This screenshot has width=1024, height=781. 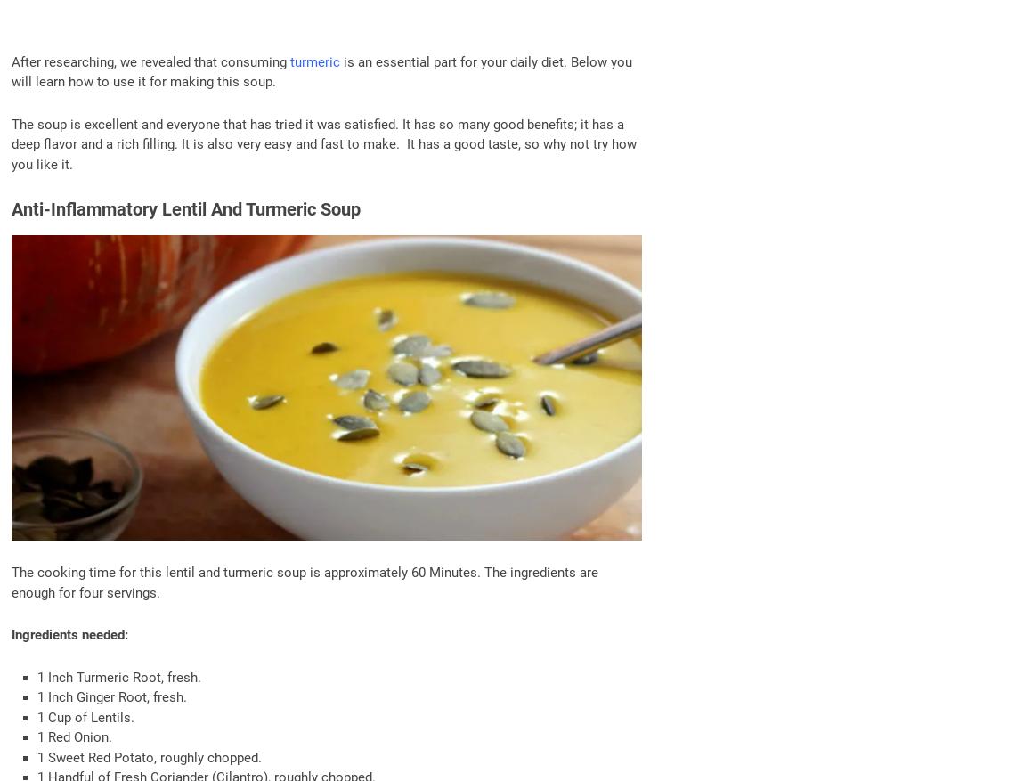 I want to click on 'Ingredients needed:', so click(x=69, y=634).